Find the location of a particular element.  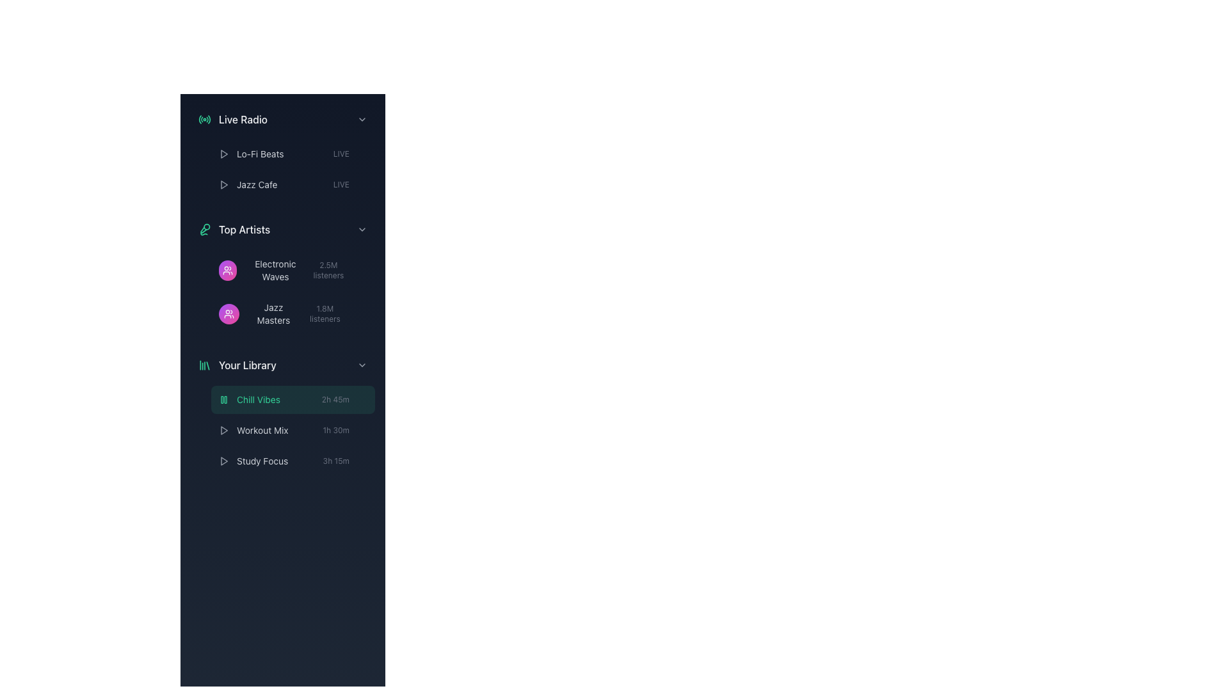

'Workout Mix' text label located in the 'Your Library' section, positioned between 'Chill Vibes' and 'Study Focus' is located at coordinates (262, 430).